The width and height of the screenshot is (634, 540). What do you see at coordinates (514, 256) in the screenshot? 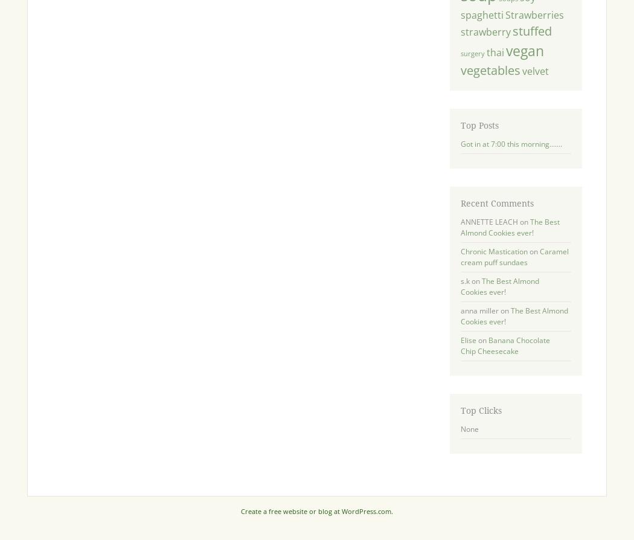
I see `'Caramel cream puff sundaes'` at bounding box center [514, 256].